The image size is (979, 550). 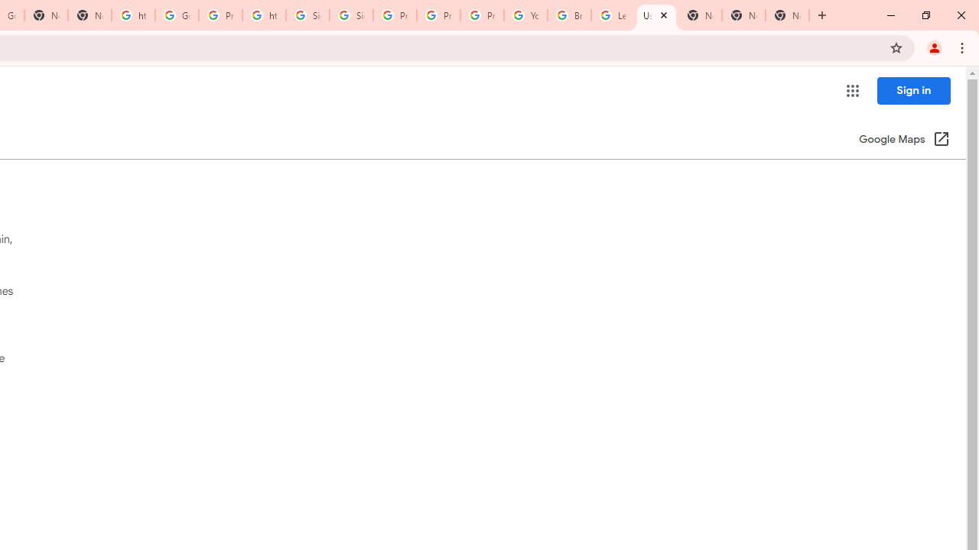 I want to click on 'Privacy Help Center - Policies Help', so click(x=395, y=15).